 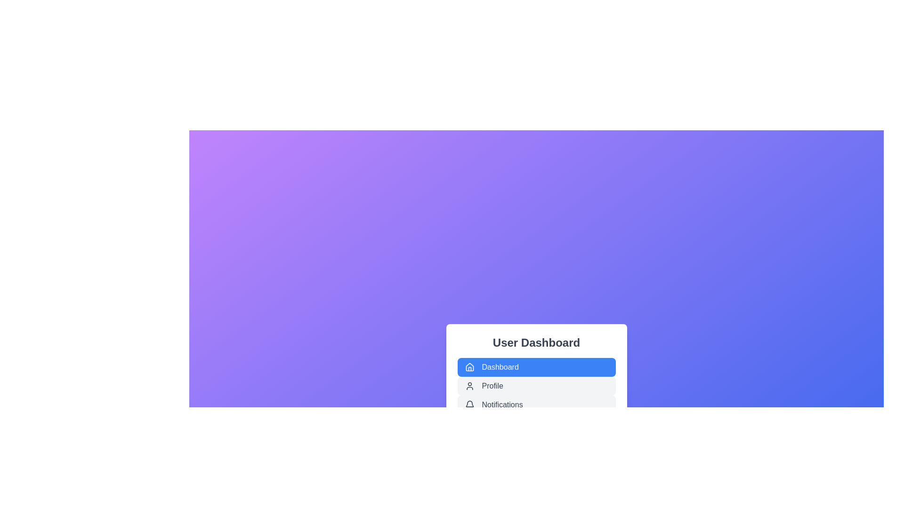 What do you see at coordinates (536, 384) in the screenshot?
I see `the navigation button located below the 'Dashboard' button and above the 'Notifications' button` at bounding box center [536, 384].